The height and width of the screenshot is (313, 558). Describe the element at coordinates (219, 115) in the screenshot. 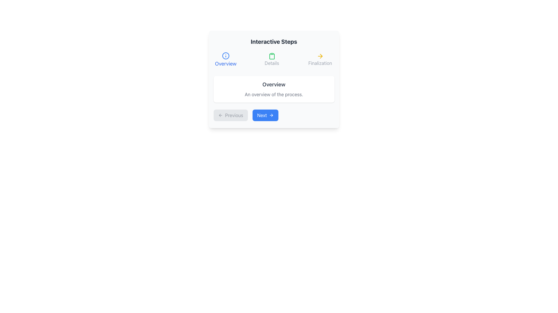

I see `the back arrow graphic element` at that location.